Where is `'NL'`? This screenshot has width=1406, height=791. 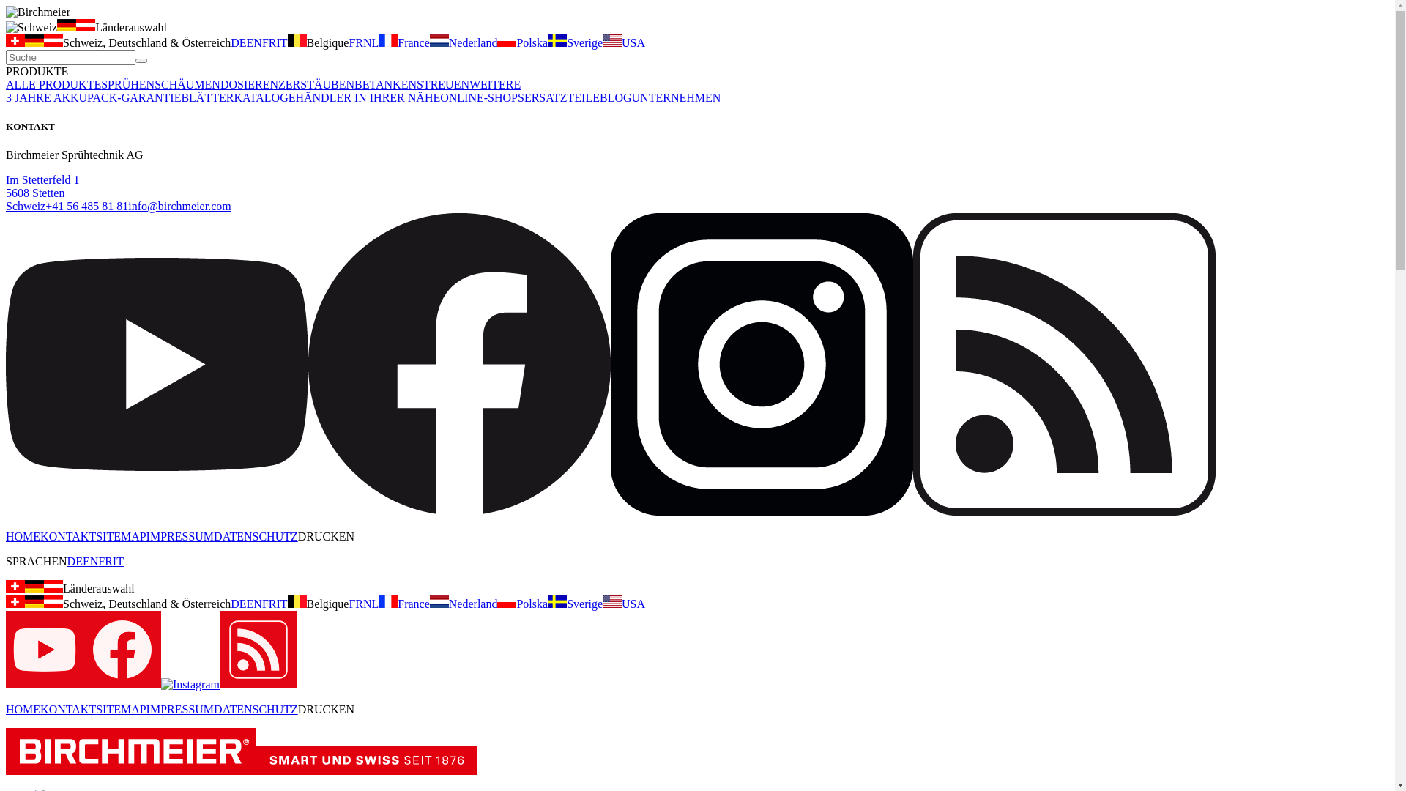 'NL' is located at coordinates (371, 42).